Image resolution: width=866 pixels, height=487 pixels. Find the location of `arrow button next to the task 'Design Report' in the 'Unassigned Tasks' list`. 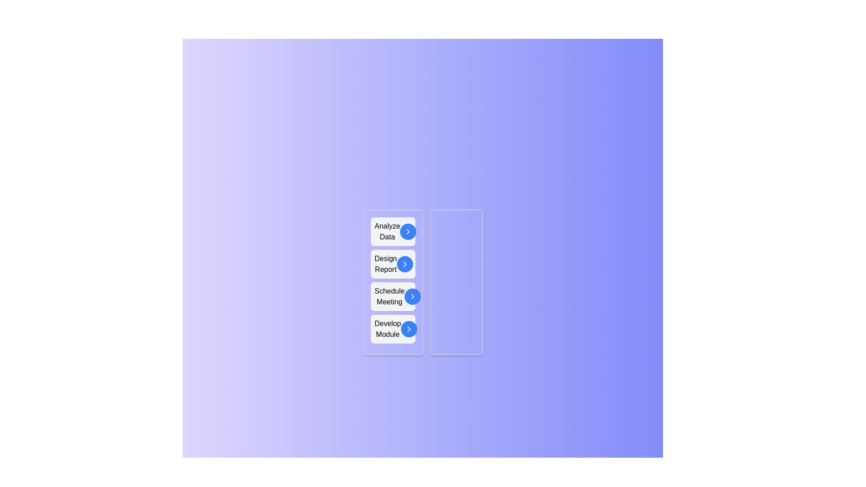

arrow button next to the task 'Design Report' in the 'Unassigned Tasks' list is located at coordinates (405, 264).